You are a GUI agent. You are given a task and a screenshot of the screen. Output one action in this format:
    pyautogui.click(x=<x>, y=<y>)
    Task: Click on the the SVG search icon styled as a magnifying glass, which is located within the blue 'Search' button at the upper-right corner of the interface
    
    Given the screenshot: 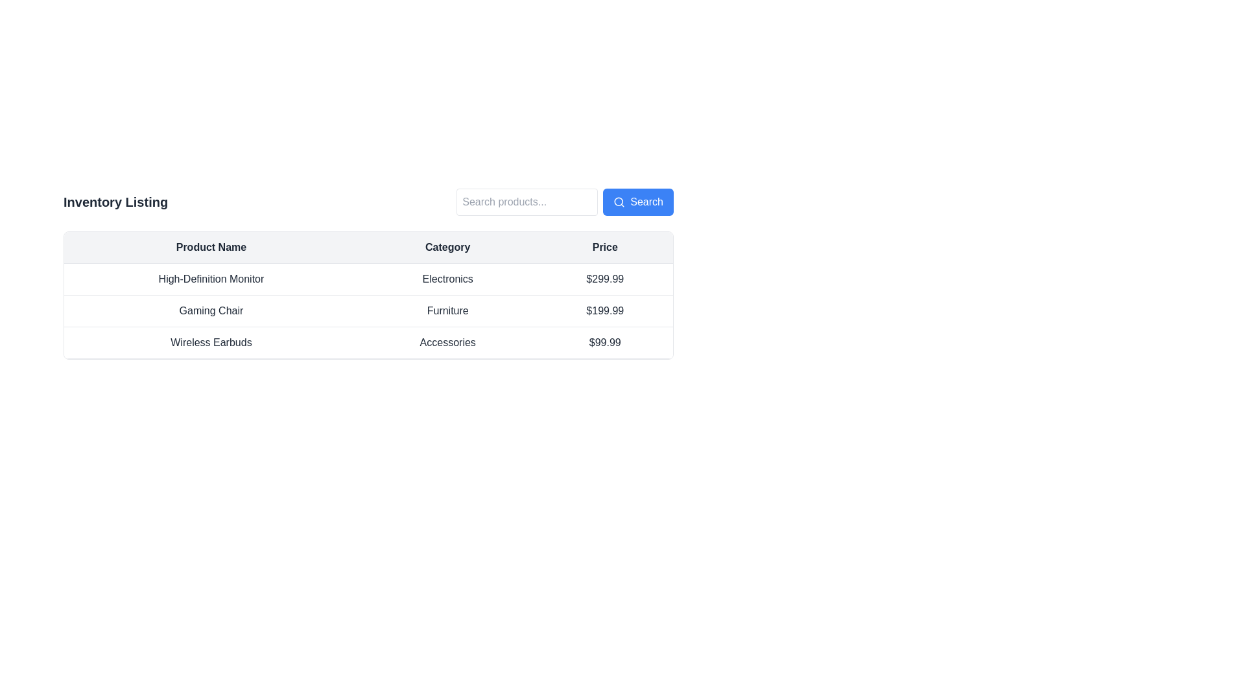 What is the action you would take?
    pyautogui.click(x=619, y=202)
    